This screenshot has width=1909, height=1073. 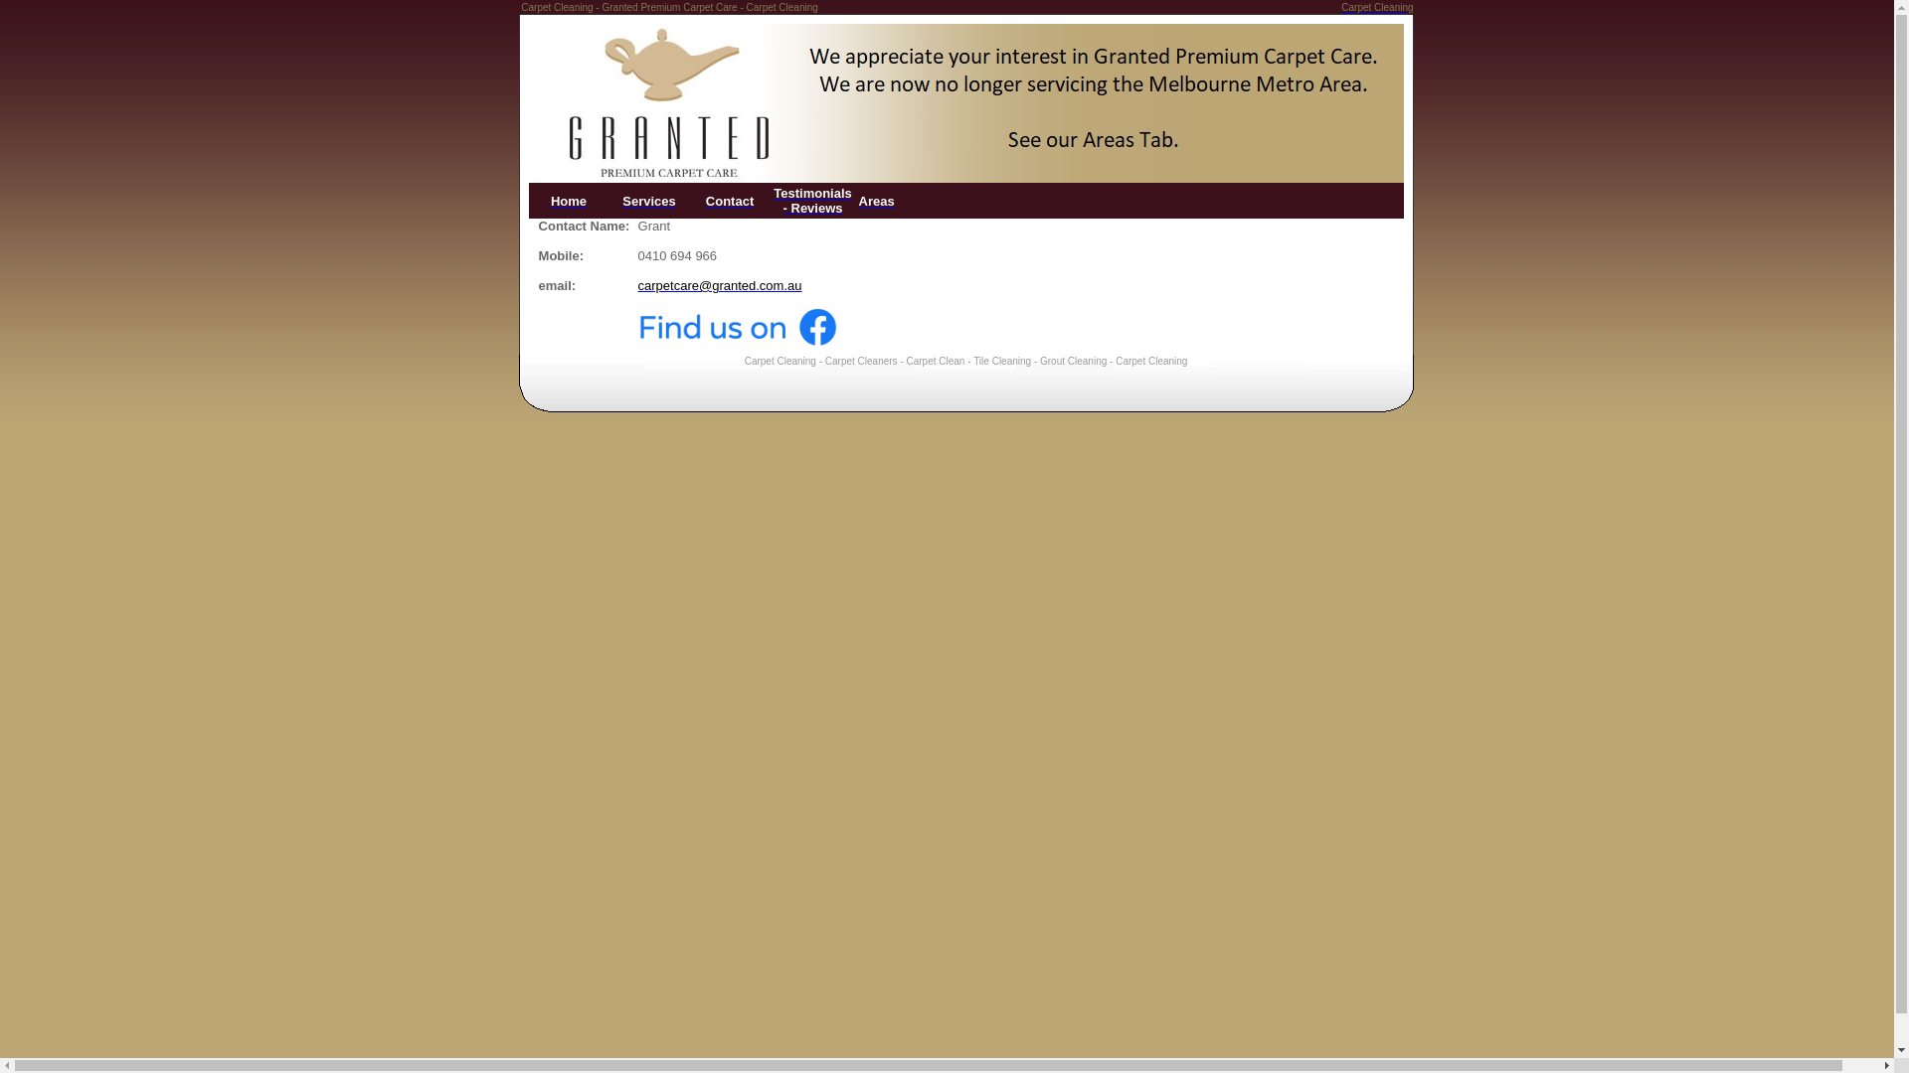 I want to click on 'carpetcare@granted.com.au', so click(x=719, y=285).